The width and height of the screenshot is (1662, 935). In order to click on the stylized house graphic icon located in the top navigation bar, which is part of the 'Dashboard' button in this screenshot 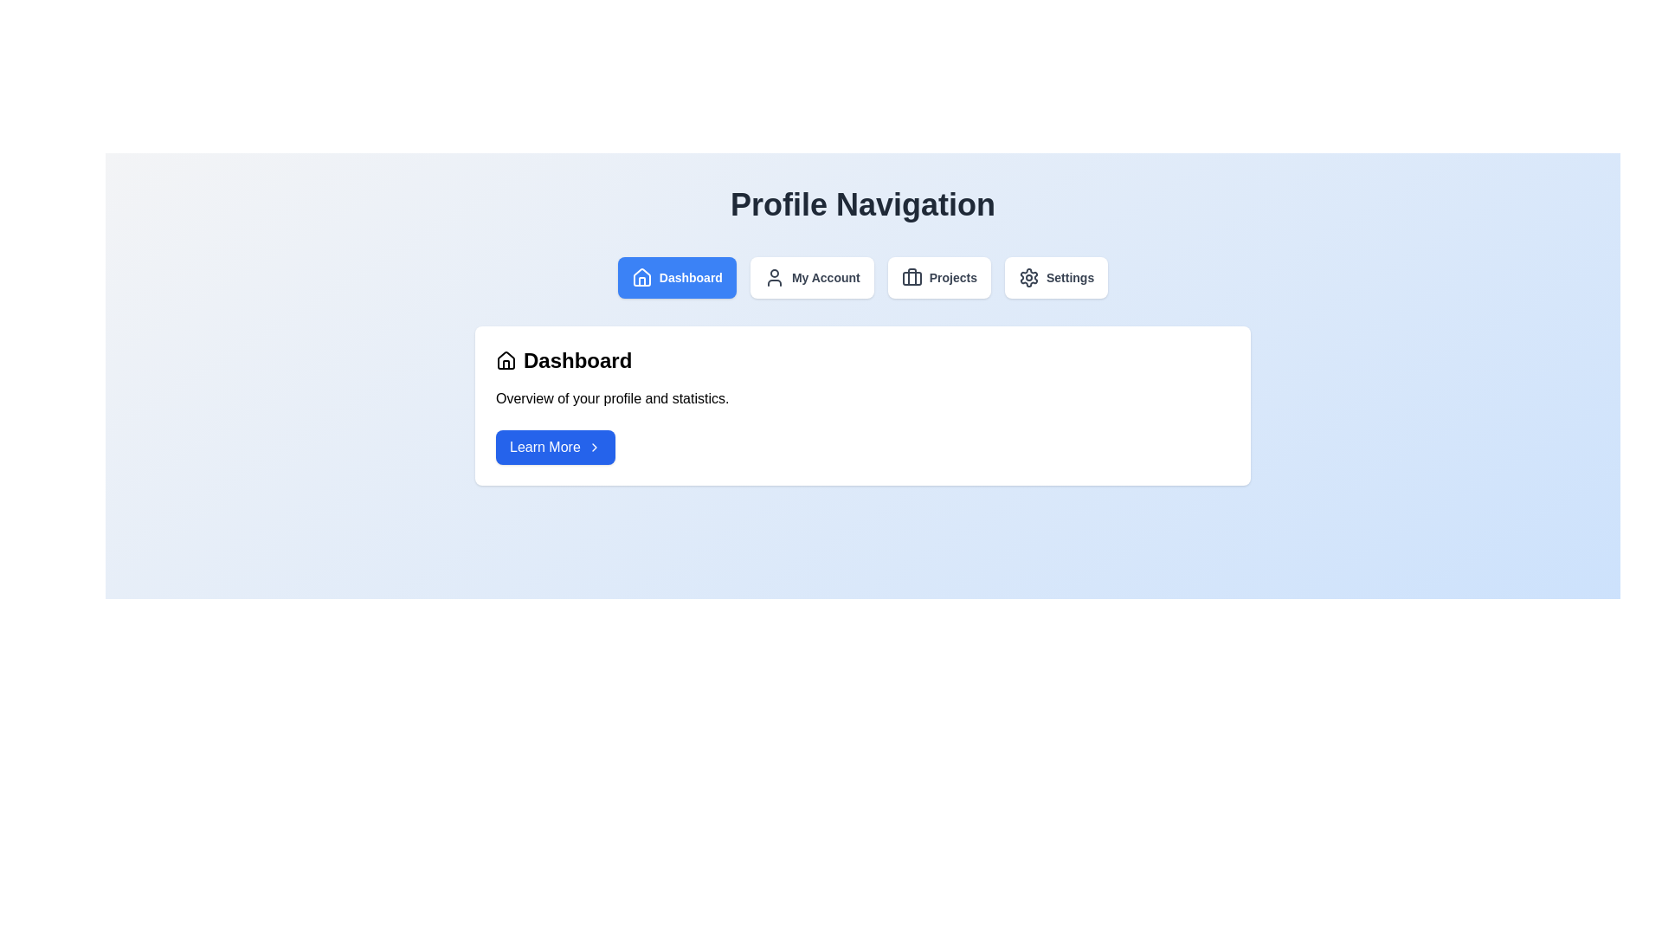, I will do `click(506, 359)`.